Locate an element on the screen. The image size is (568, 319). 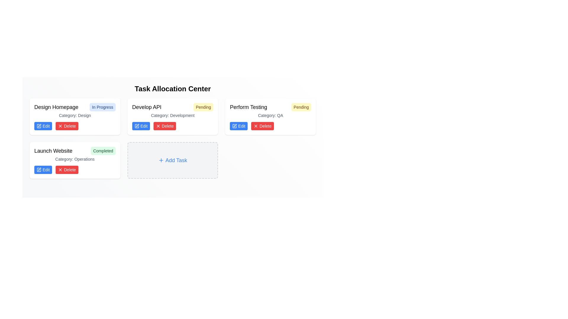
the 'Edit' button located in the lower-left portion of the card labeled 'Launch Website,' under the status tag 'Completed' and the category 'Category: Operations' to initiate editing is located at coordinates (43, 170).